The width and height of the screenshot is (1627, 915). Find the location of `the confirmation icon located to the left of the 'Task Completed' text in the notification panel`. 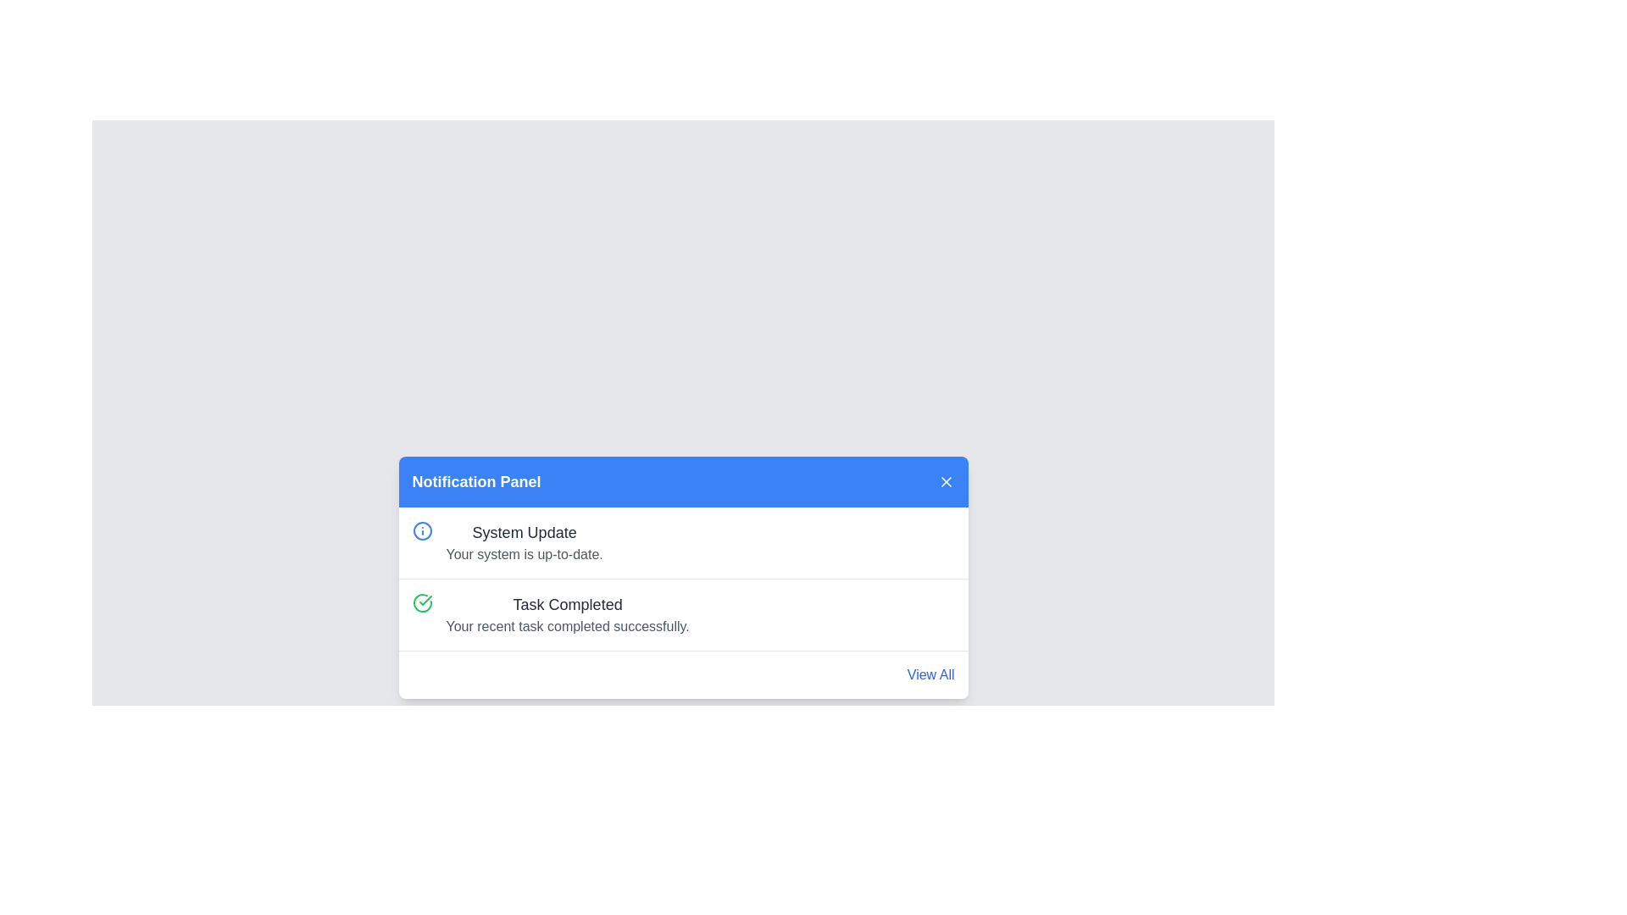

the confirmation icon located to the left of the 'Task Completed' text in the notification panel is located at coordinates (422, 602).